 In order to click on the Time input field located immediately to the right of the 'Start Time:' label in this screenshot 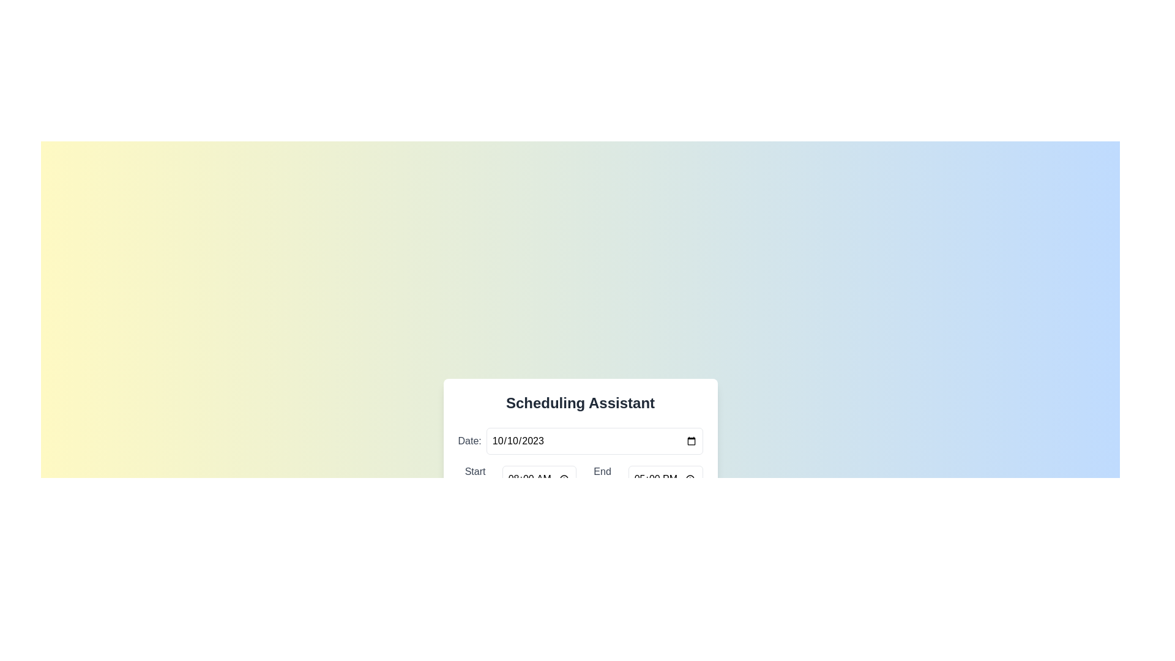, I will do `click(539, 479)`.